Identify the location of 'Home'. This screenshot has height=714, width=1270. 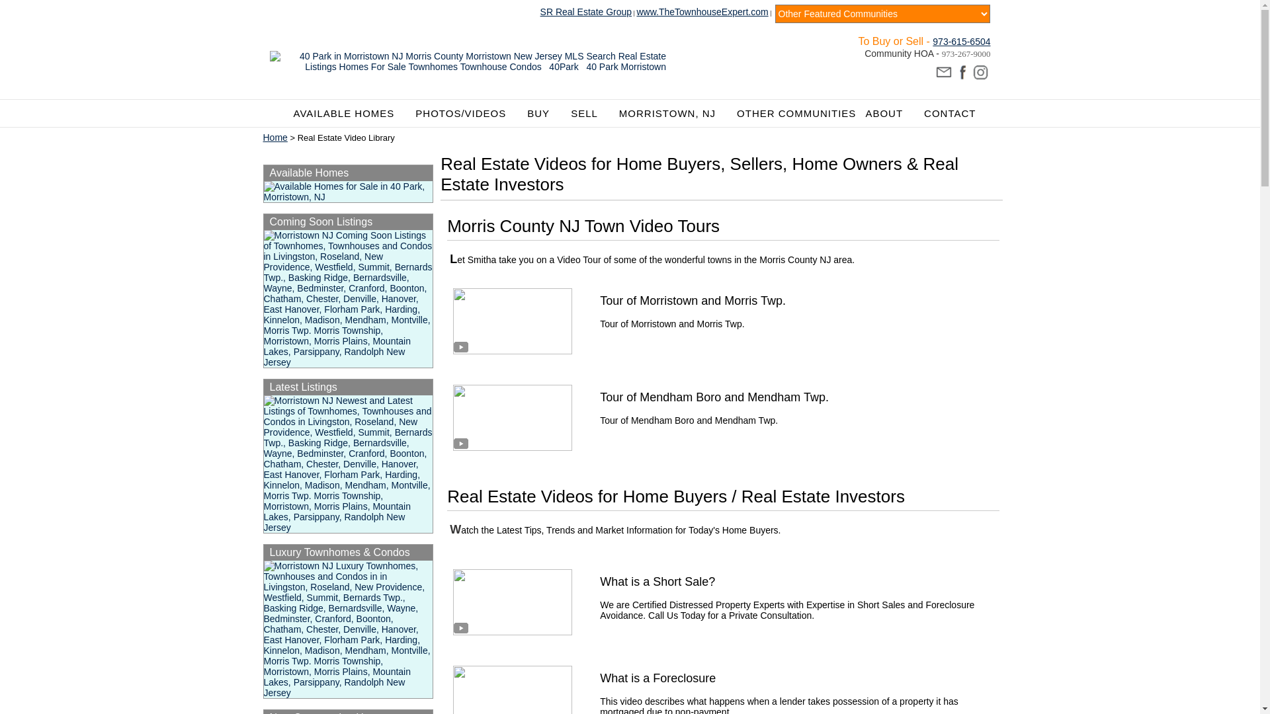
(263, 138).